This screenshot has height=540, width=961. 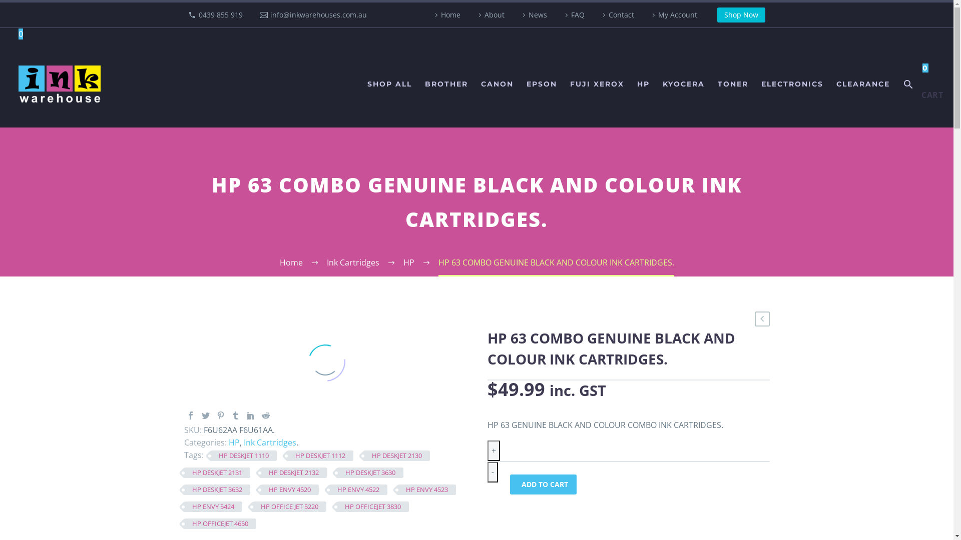 I want to click on 'Home', so click(x=445, y=15).